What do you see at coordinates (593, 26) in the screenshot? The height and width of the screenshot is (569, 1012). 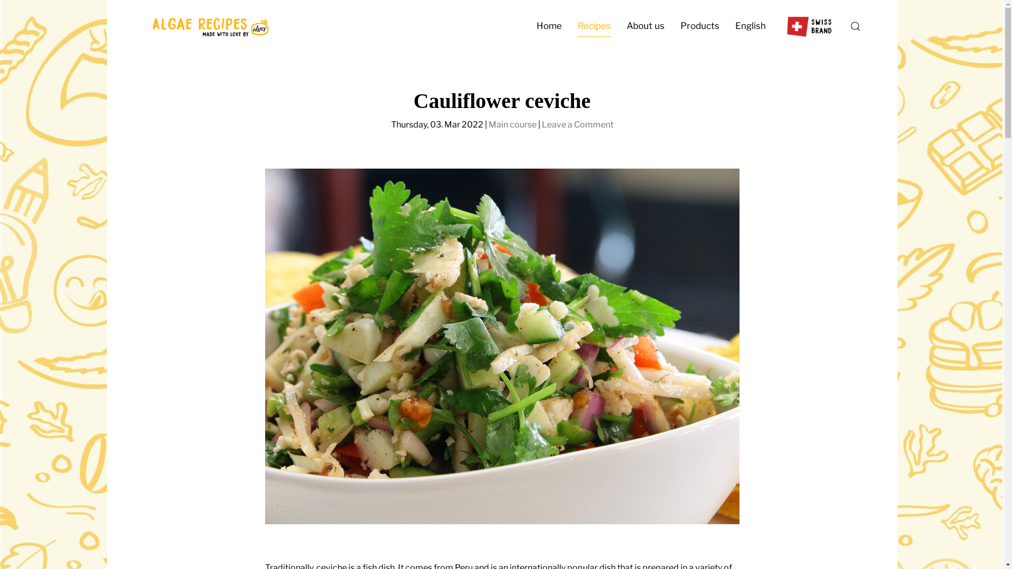 I see `'Recipes'` at bounding box center [593, 26].